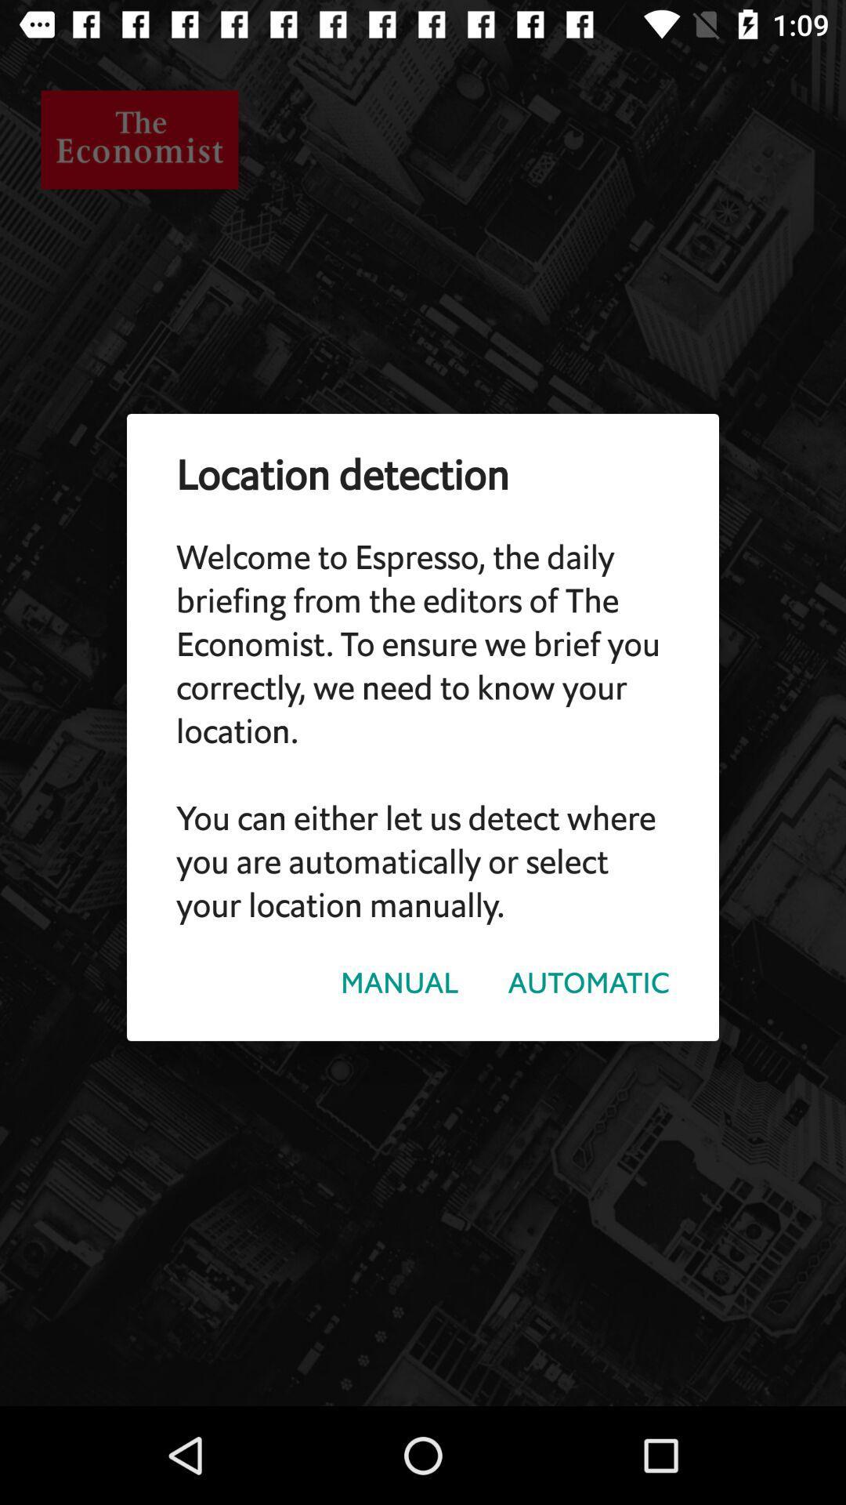 The height and width of the screenshot is (1505, 846). What do you see at coordinates (399, 982) in the screenshot?
I see `the button next to automatic icon` at bounding box center [399, 982].